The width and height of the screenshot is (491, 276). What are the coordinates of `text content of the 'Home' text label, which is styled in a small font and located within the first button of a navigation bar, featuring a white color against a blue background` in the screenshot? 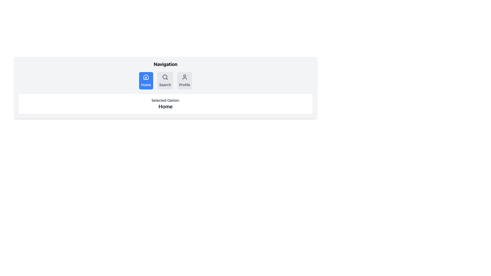 It's located at (146, 84).